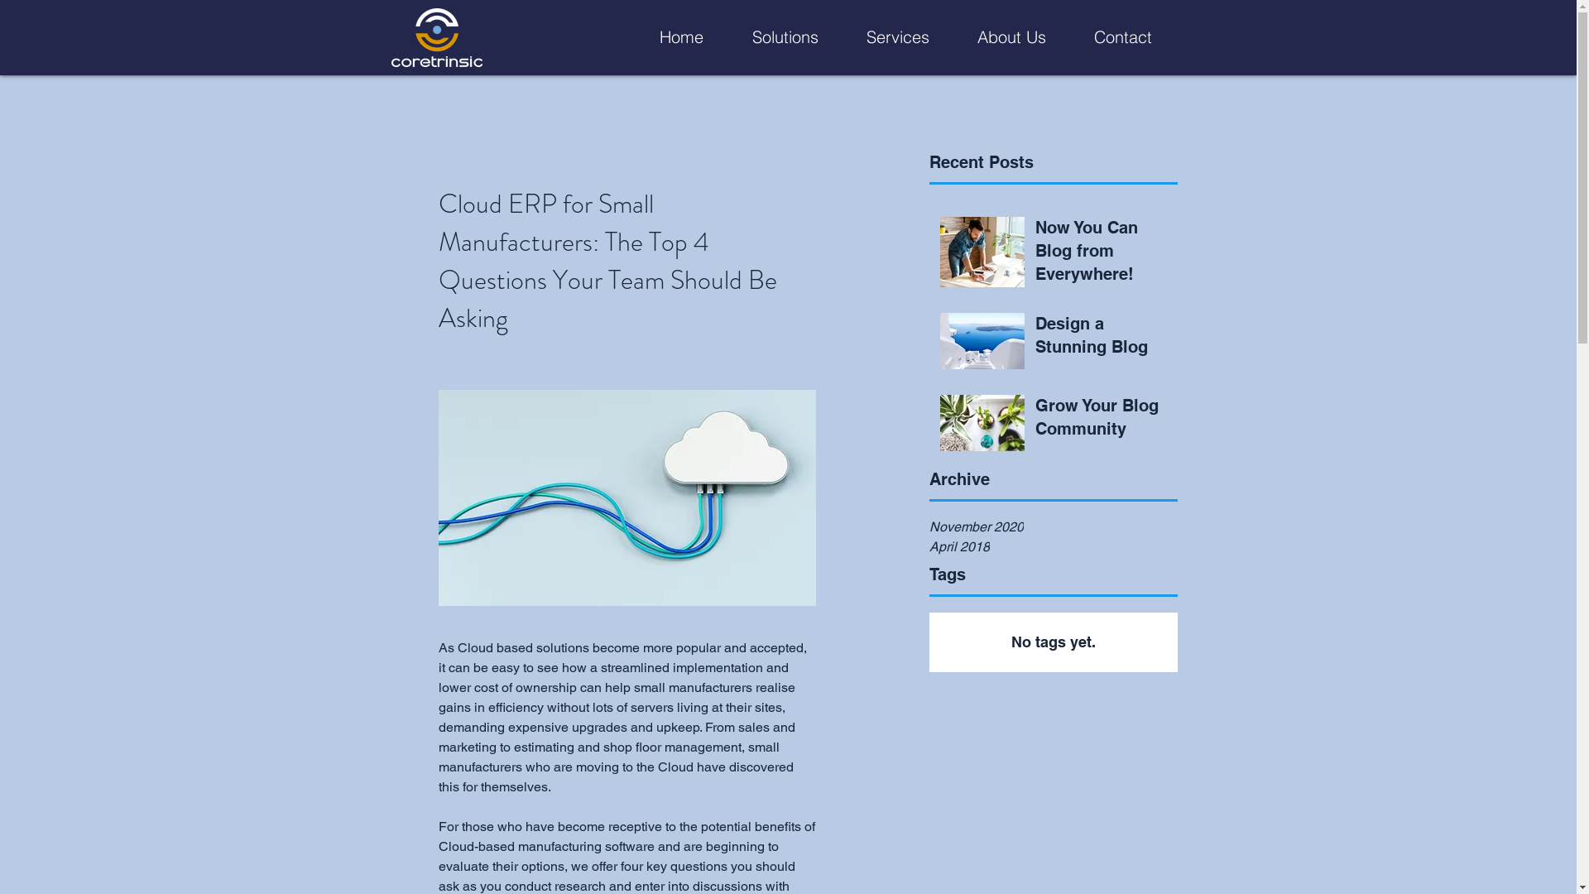 The height and width of the screenshot is (894, 1589). What do you see at coordinates (1052, 526) in the screenshot?
I see `'November 2020'` at bounding box center [1052, 526].